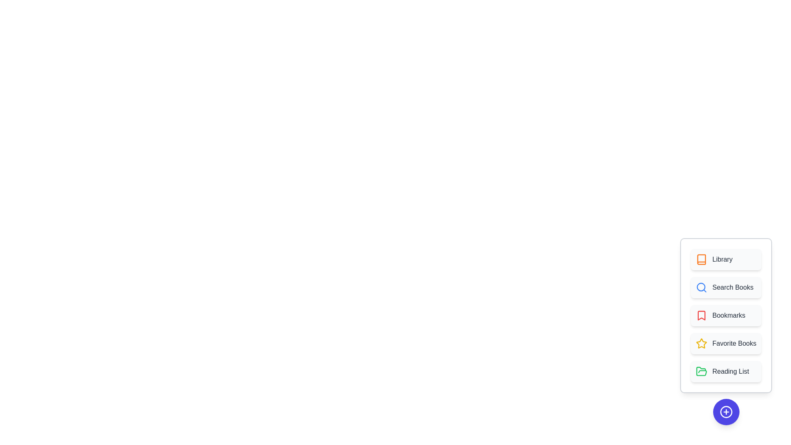  Describe the element at coordinates (726, 372) in the screenshot. I see `the 'Reading List' option in the menu` at that location.